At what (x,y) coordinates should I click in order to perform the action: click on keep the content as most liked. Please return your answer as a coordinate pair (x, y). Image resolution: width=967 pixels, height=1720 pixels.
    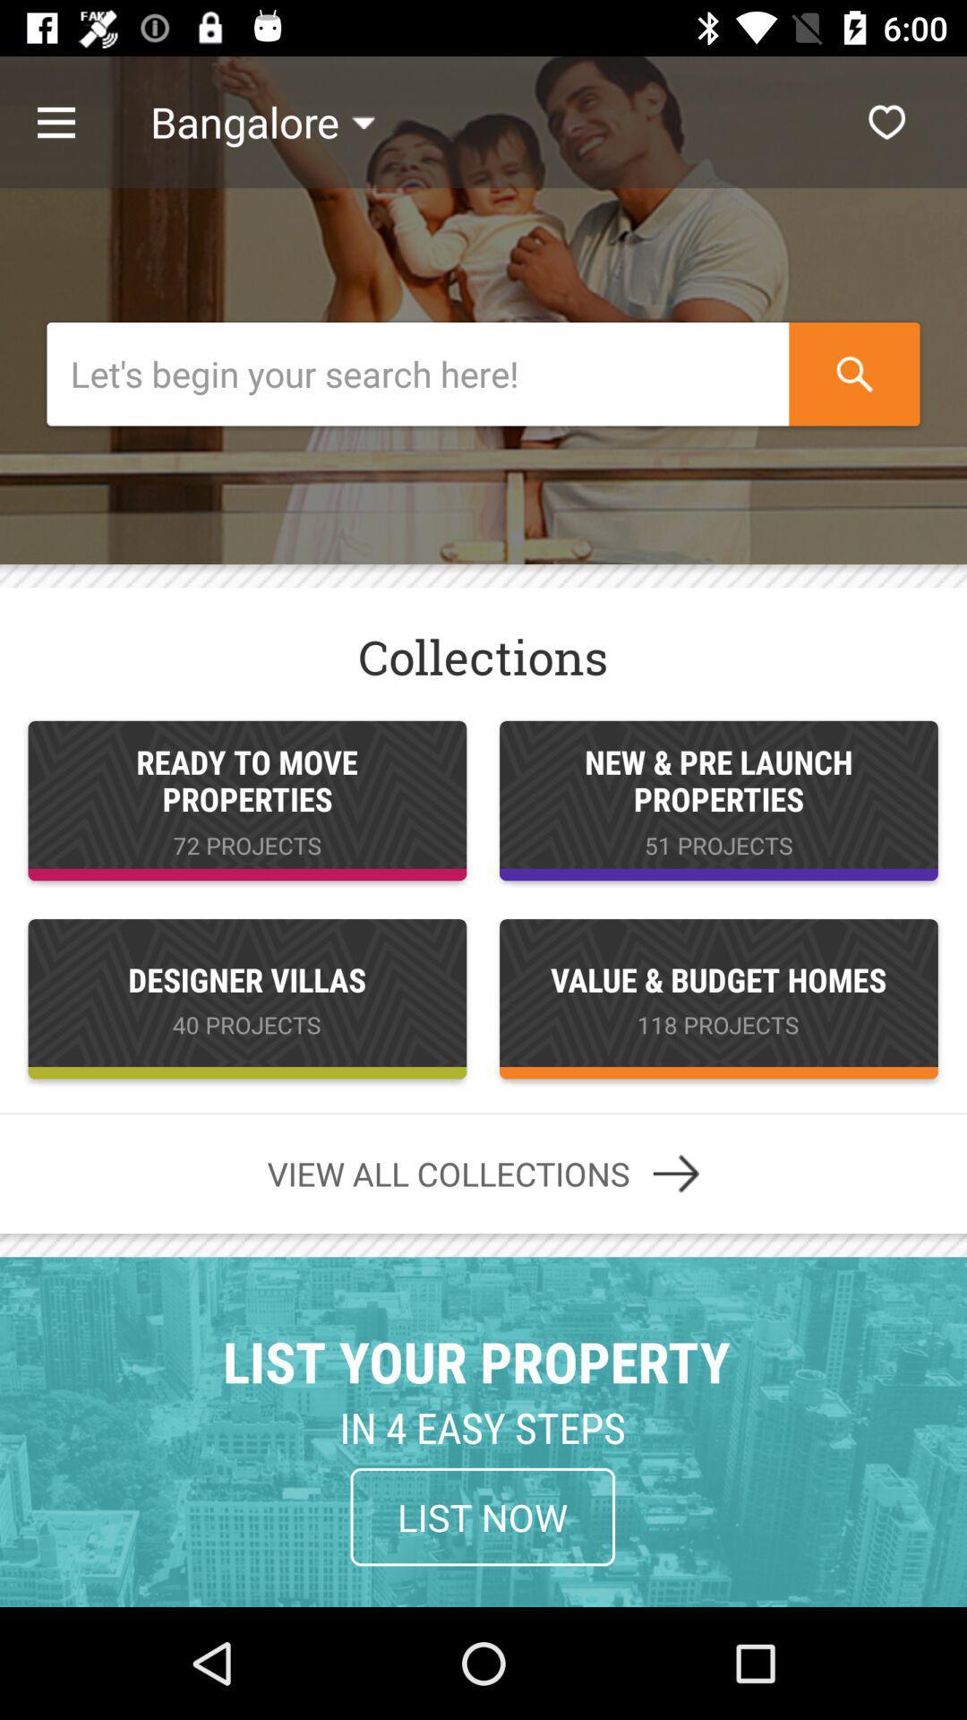
    Looking at the image, I should click on (886, 121).